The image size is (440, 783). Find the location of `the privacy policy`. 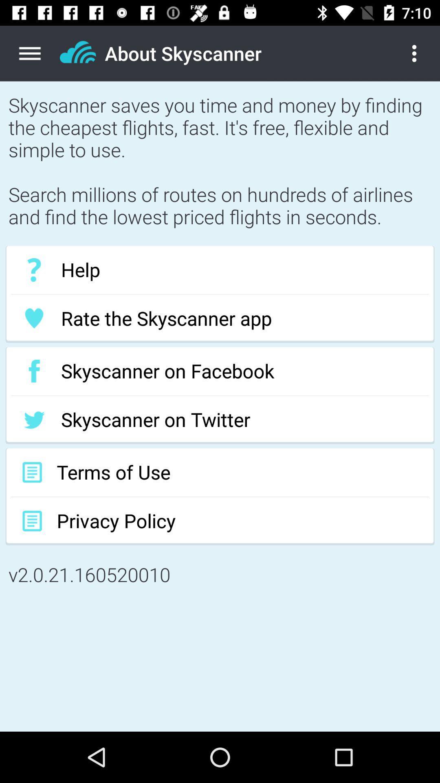

the privacy policy is located at coordinates (220, 520).